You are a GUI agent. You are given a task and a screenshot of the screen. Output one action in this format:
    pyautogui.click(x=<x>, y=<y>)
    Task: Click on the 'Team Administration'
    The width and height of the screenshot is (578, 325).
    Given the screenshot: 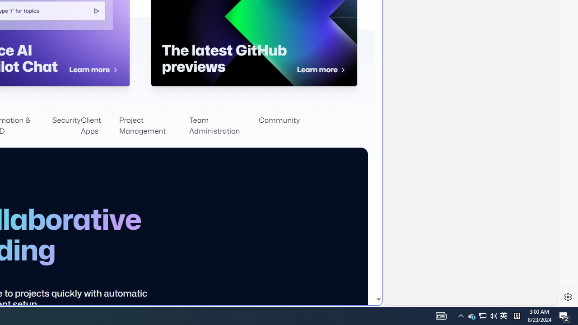 What is the action you would take?
    pyautogui.click(x=224, y=126)
    